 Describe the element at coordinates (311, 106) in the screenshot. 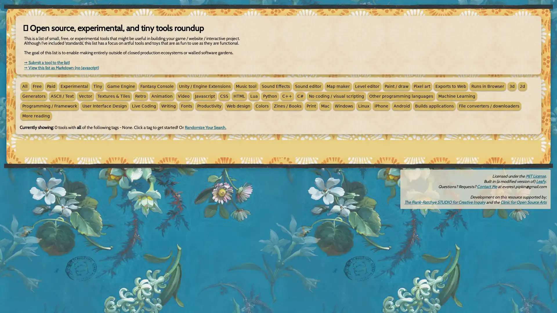

I see `Print` at that location.